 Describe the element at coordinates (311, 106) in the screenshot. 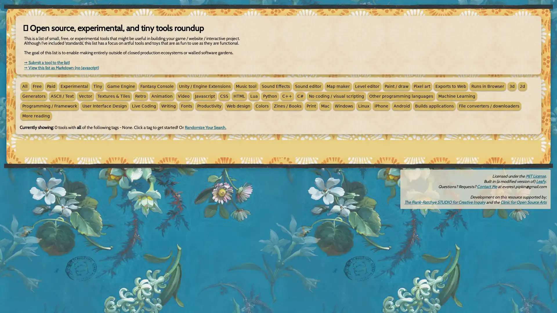

I see `Print` at that location.